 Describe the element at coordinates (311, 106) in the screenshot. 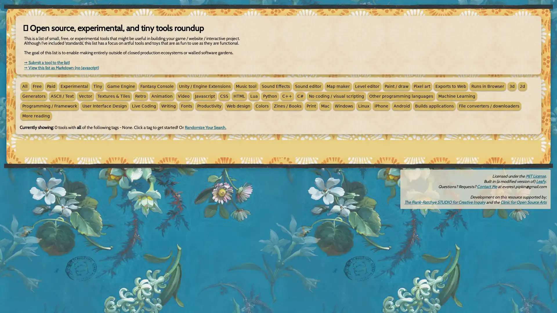

I see `Print` at that location.